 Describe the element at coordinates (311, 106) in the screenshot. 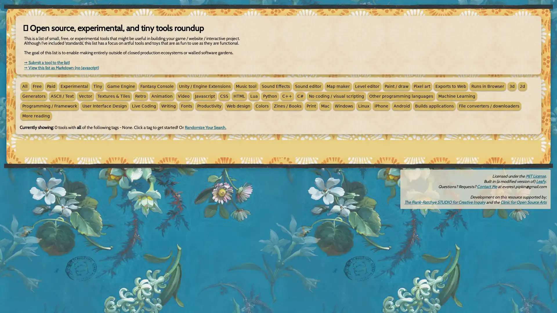

I see `Print` at that location.